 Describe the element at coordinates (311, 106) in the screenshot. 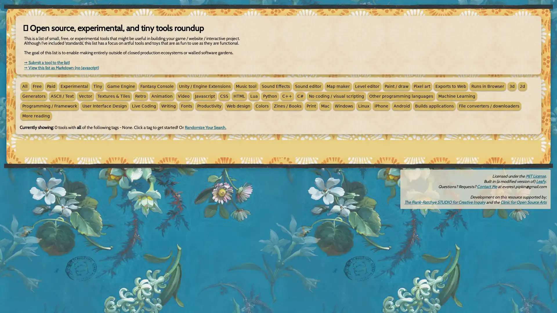

I see `Print` at that location.